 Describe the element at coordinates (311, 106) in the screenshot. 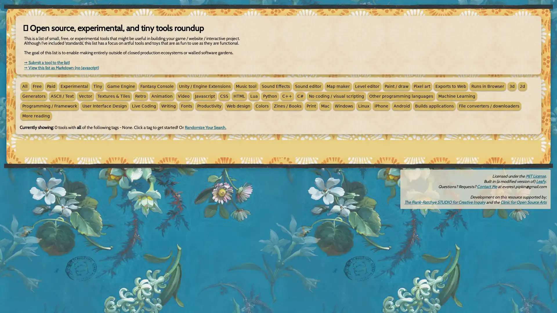

I see `Print` at that location.